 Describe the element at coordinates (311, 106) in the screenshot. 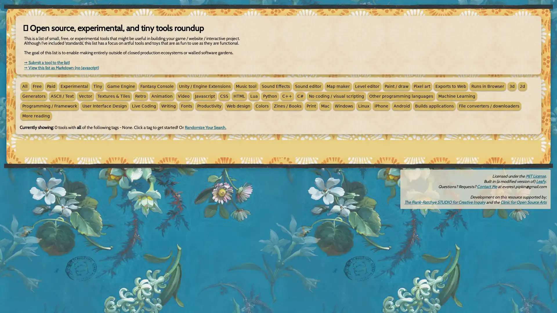

I see `Print` at that location.